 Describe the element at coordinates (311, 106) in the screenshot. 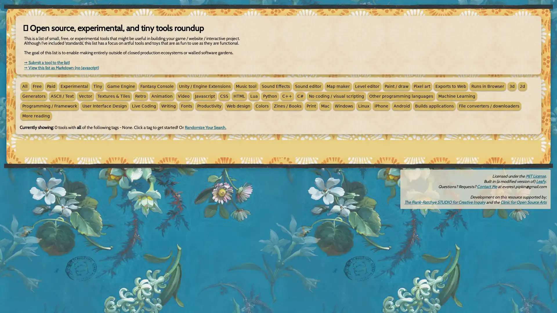

I see `Print` at that location.